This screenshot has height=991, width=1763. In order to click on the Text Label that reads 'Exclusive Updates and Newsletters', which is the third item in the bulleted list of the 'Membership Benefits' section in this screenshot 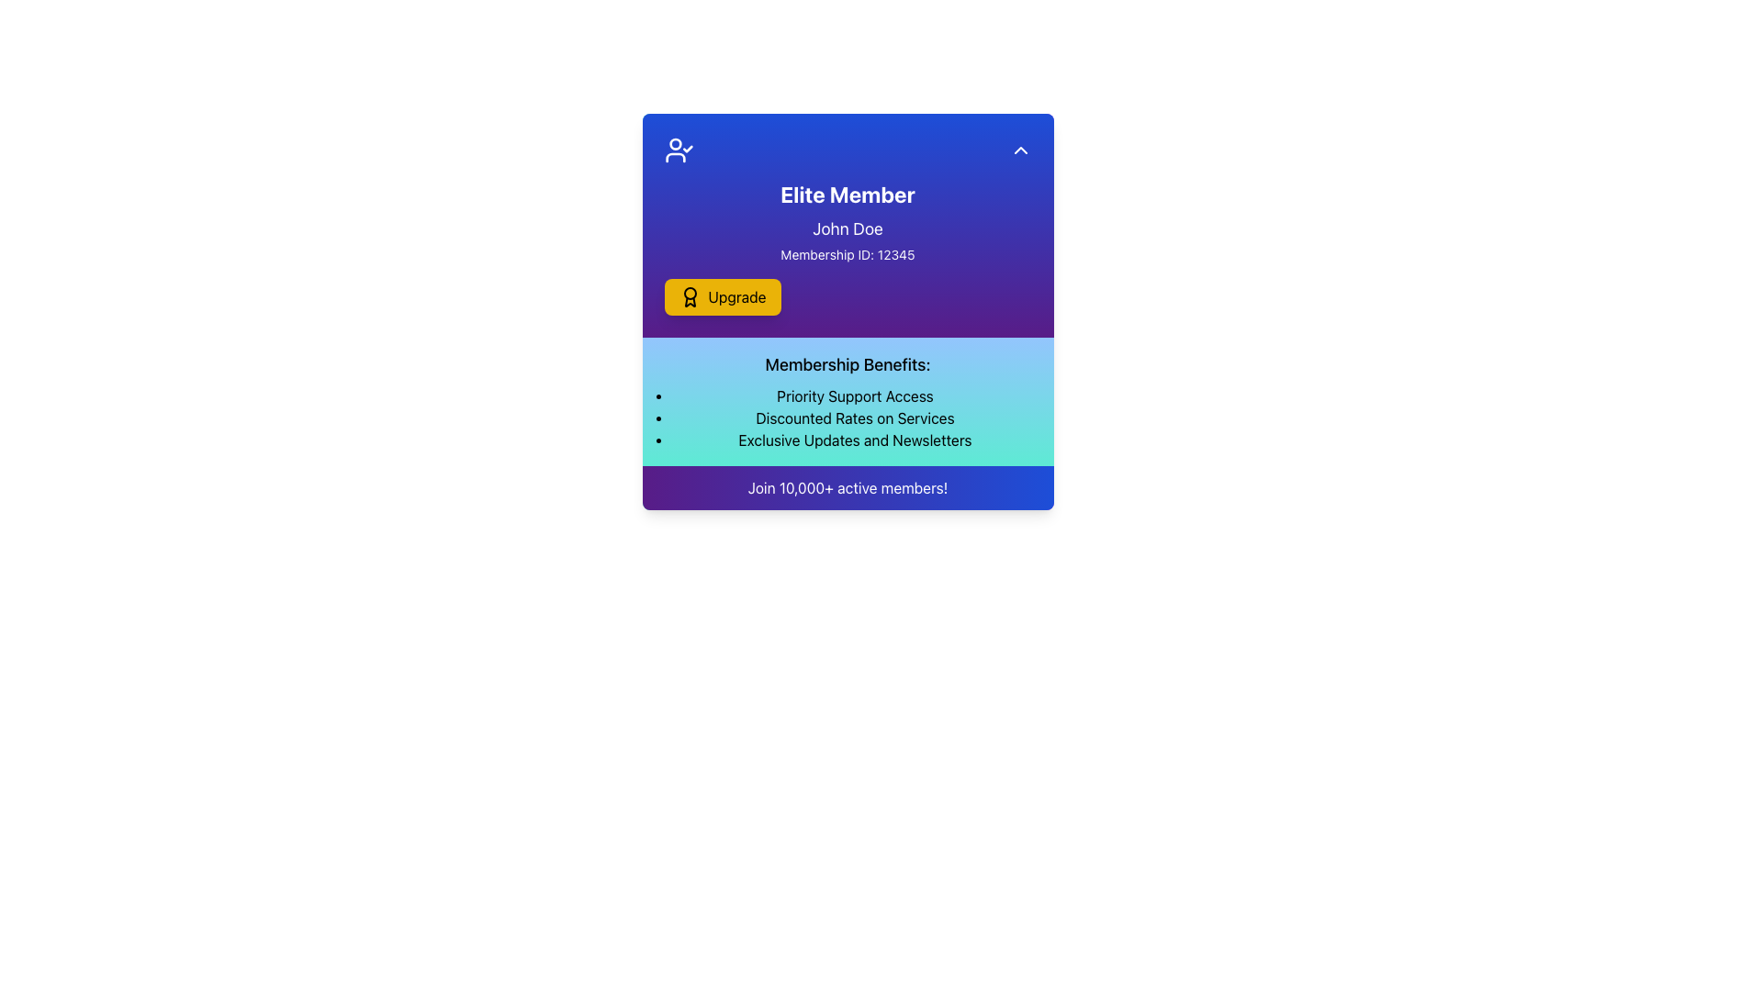, I will do `click(854, 440)`.